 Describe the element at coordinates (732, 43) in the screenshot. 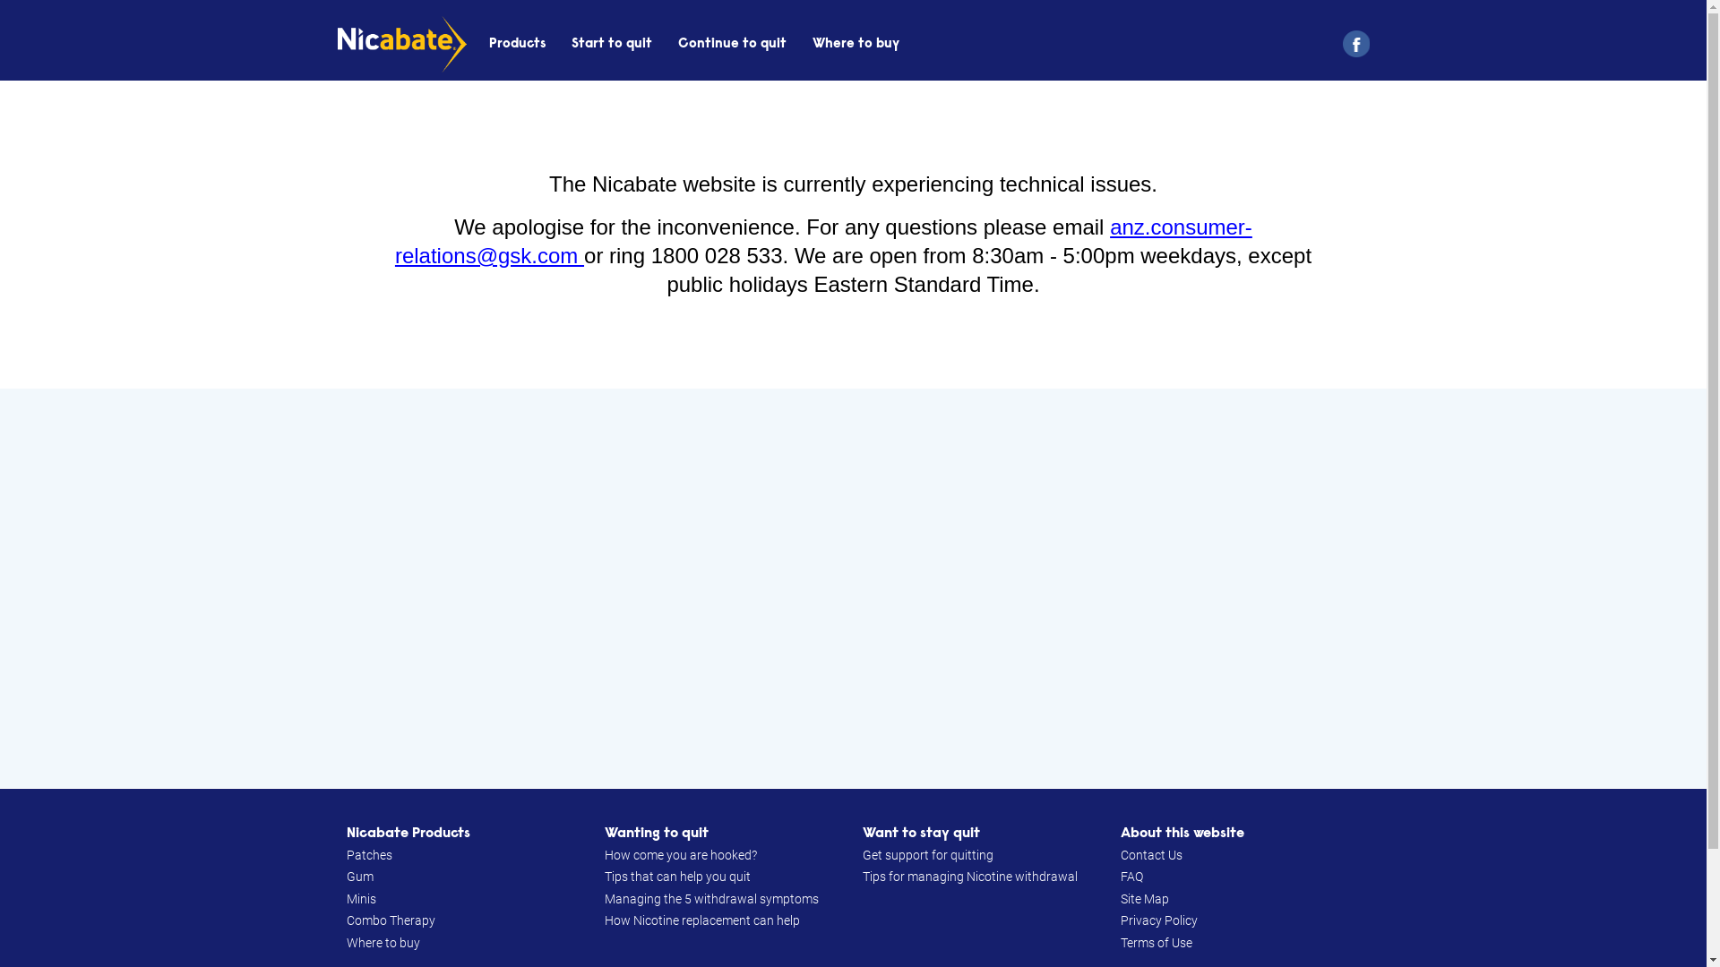

I see `'continue to quit'` at that location.